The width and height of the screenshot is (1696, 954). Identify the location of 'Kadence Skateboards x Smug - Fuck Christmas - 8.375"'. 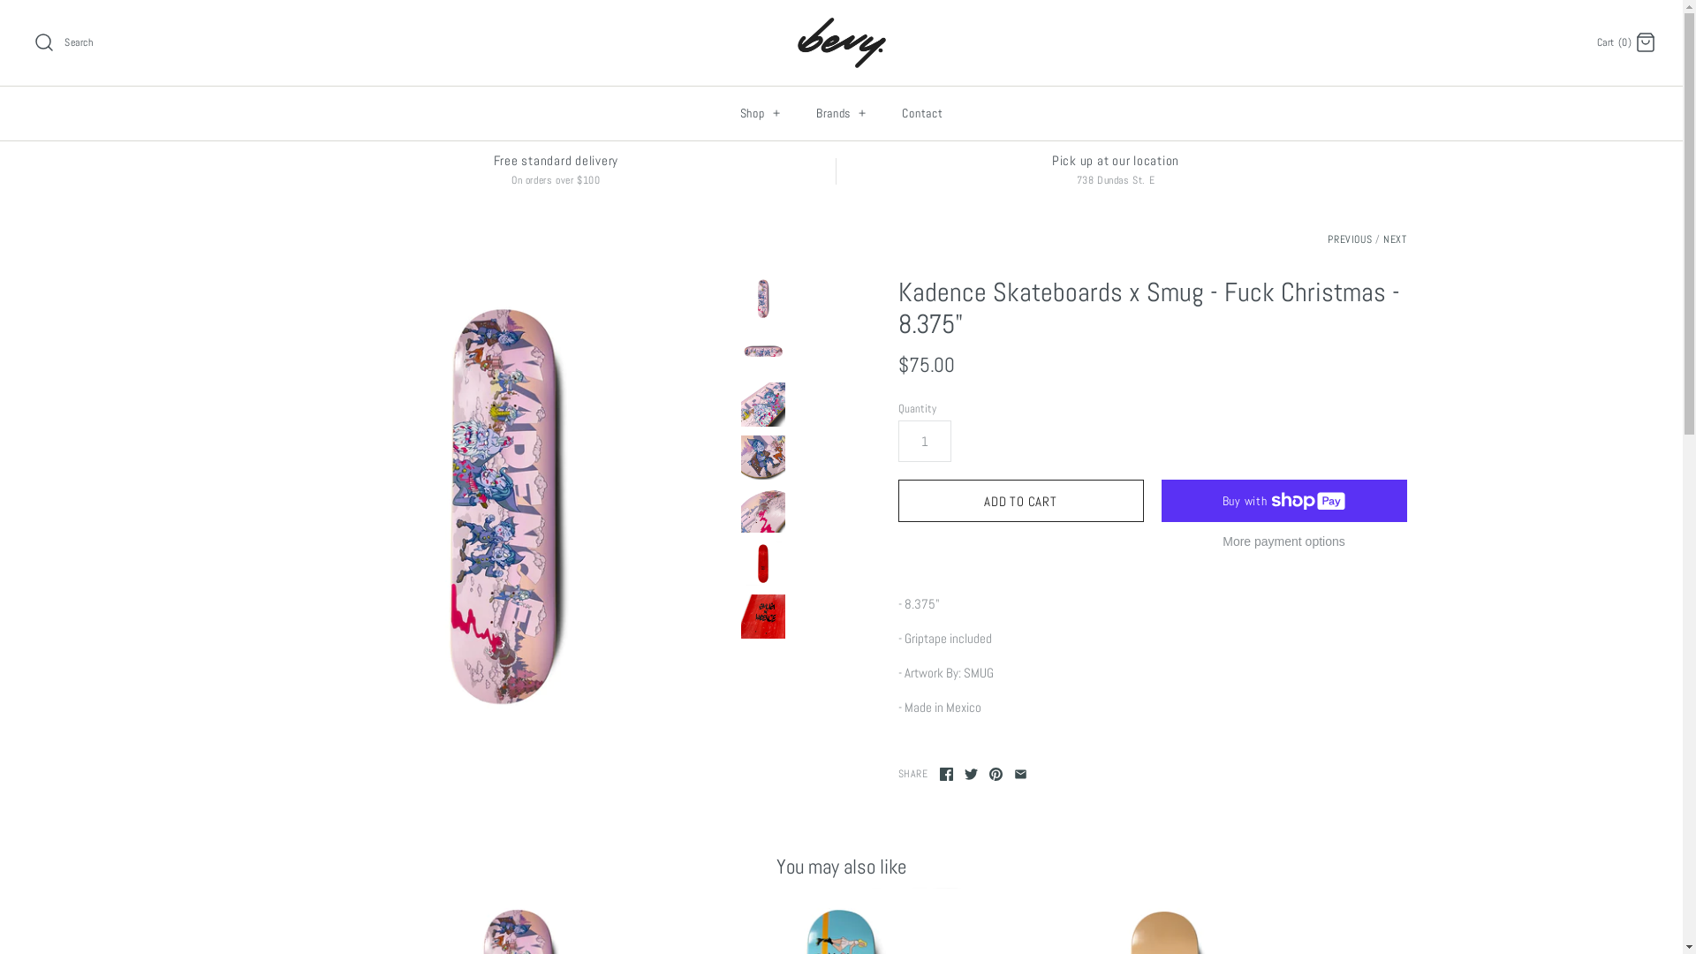
(762, 298).